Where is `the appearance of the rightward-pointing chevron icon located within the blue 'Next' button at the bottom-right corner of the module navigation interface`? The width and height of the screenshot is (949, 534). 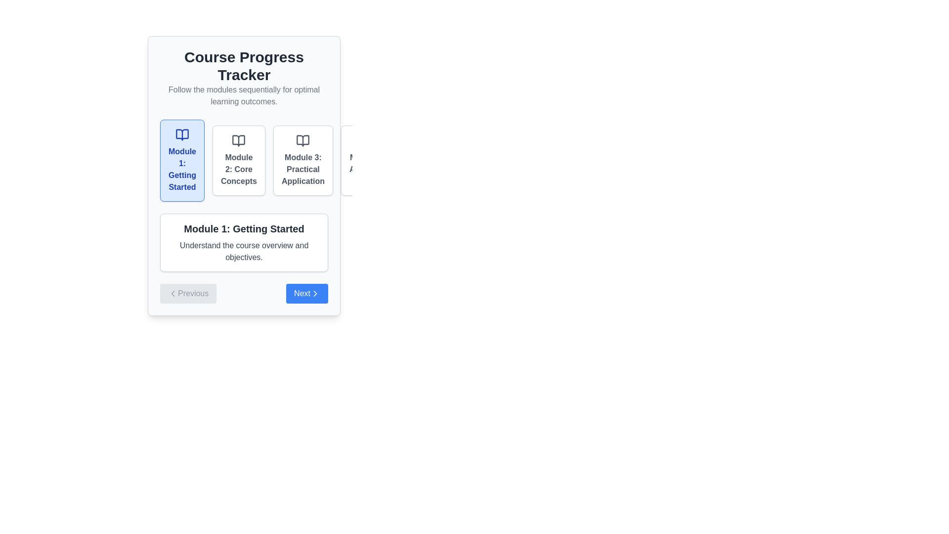 the appearance of the rightward-pointing chevron icon located within the blue 'Next' button at the bottom-right corner of the module navigation interface is located at coordinates (315, 293).